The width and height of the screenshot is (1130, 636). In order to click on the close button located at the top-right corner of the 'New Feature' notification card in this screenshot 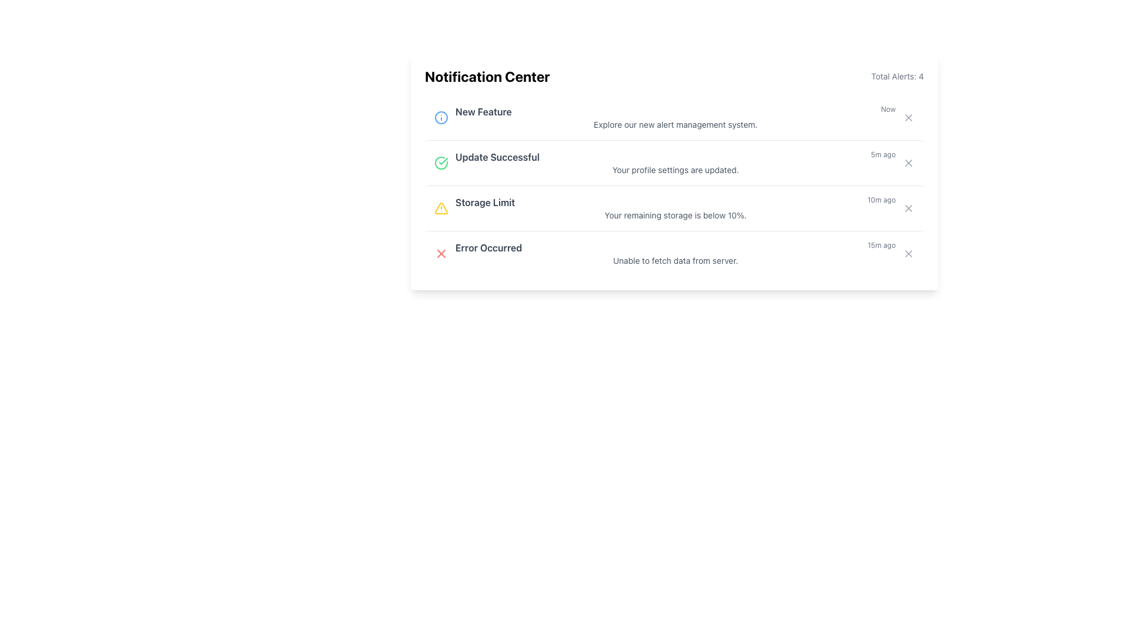, I will do `click(908, 118)`.